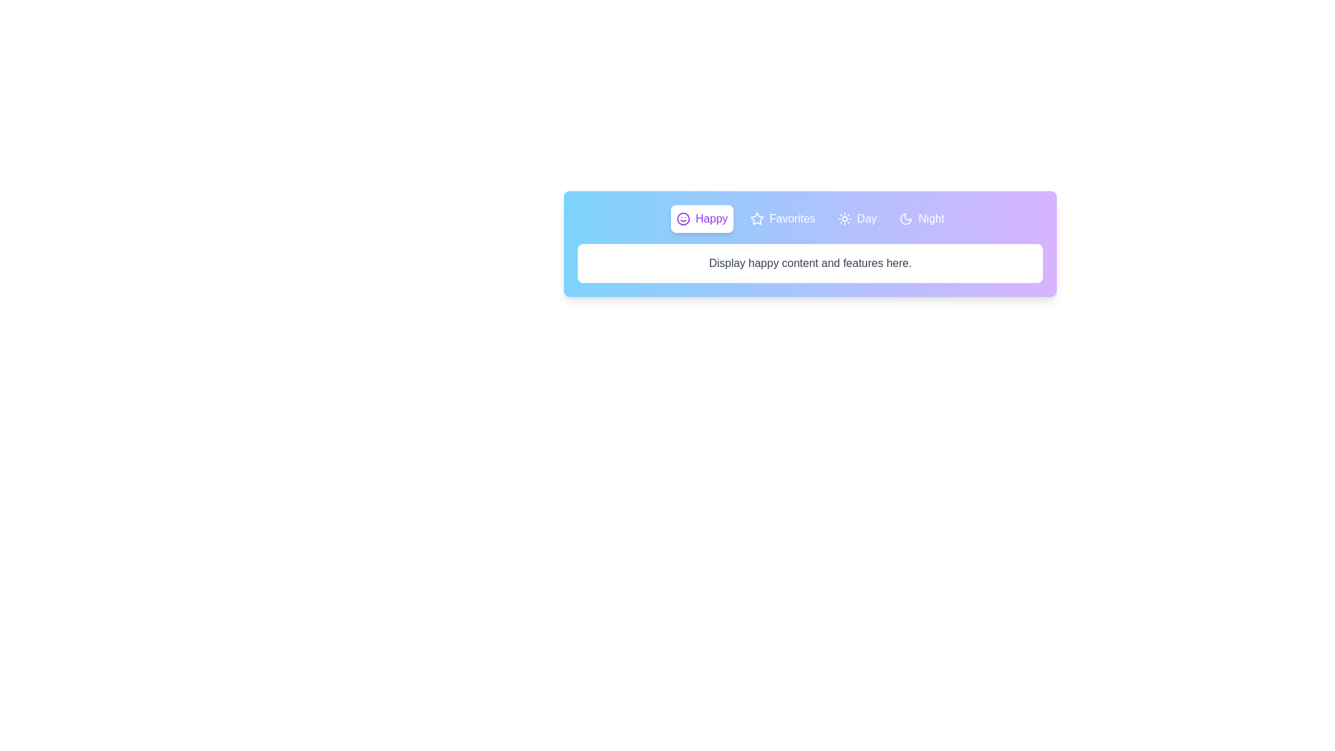 This screenshot has height=751, width=1335. What do you see at coordinates (921, 219) in the screenshot?
I see `the Night tab to switch to its content` at bounding box center [921, 219].